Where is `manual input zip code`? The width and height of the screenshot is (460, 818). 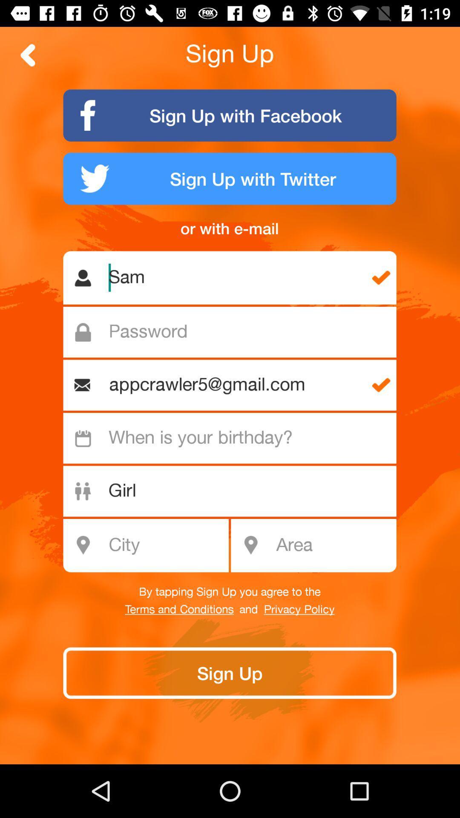 manual input zip code is located at coordinates (333, 545).